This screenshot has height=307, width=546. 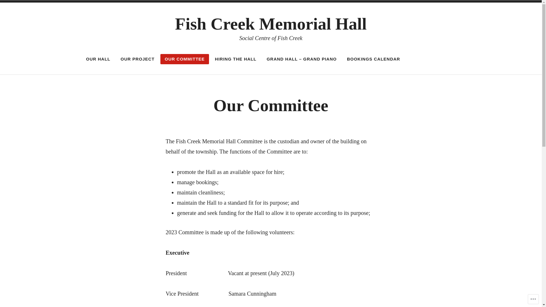 What do you see at coordinates (98, 59) in the screenshot?
I see `'OUR HALL'` at bounding box center [98, 59].